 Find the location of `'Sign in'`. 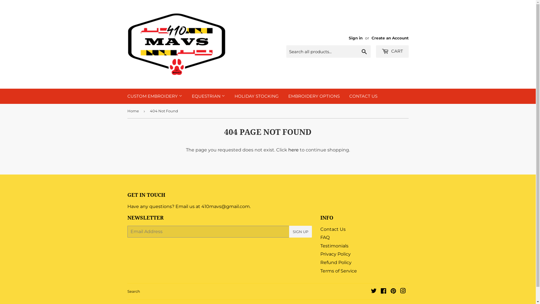

'Sign in' is located at coordinates (355, 38).